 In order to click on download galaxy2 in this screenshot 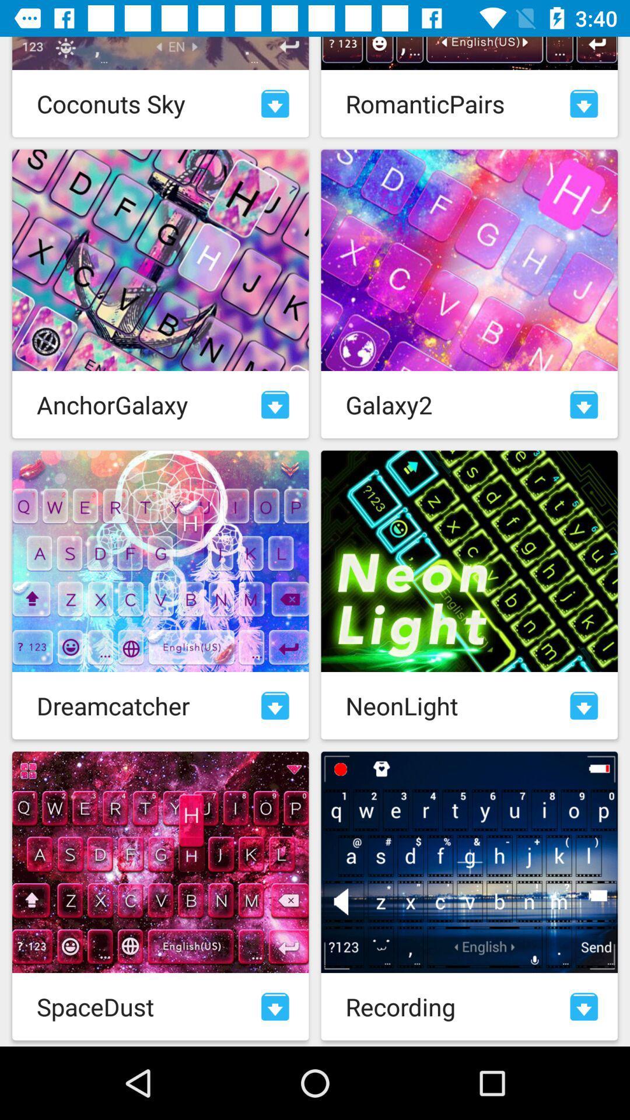, I will do `click(584, 404)`.